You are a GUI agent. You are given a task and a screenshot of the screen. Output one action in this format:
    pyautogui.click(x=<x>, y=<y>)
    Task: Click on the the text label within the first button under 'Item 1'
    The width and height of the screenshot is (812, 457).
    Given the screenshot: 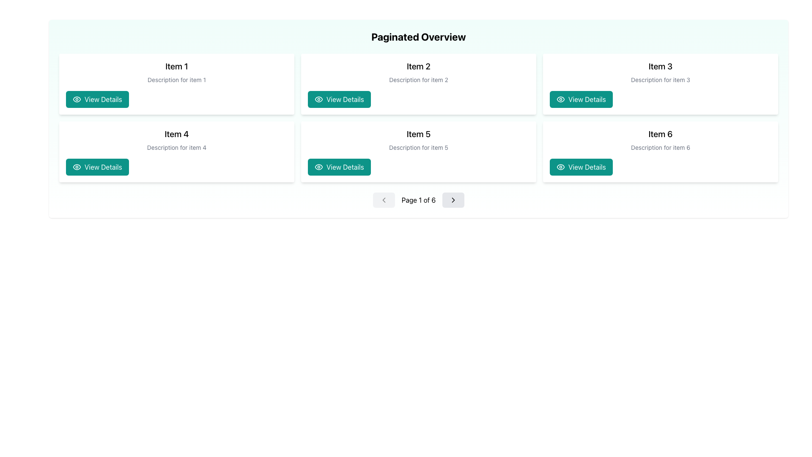 What is the action you would take?
    pyautogui.click(x=103, y=99)
    